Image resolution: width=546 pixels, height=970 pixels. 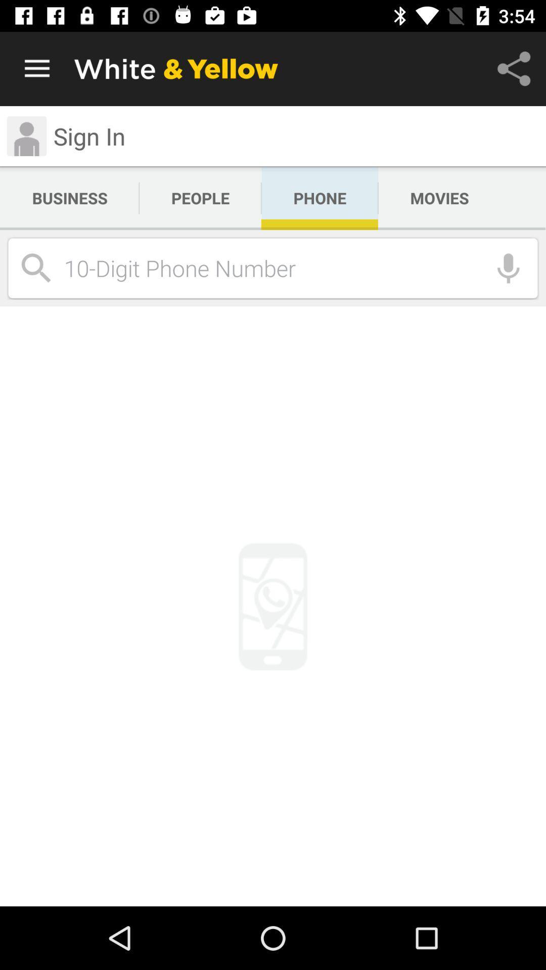 What do you see at coordinates (278, 268) in the screenshot?
I see `icon below the business` at bounding box center [278, 268].